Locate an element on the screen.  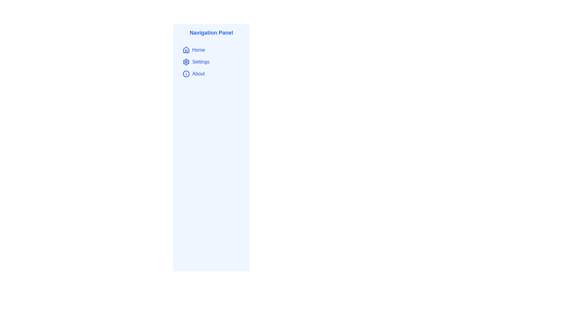
the circular graphic element with a blue border located next to the 'About' label in the navigation panel is located at coordinates (186, 73).